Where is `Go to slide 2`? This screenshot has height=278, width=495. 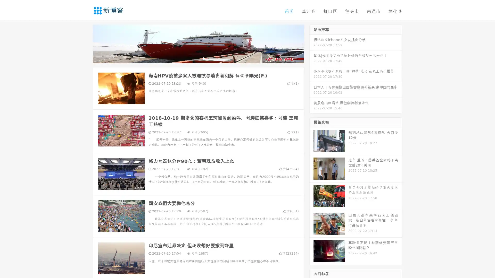 Go to slide 2 is located at coordinates (198, 58).